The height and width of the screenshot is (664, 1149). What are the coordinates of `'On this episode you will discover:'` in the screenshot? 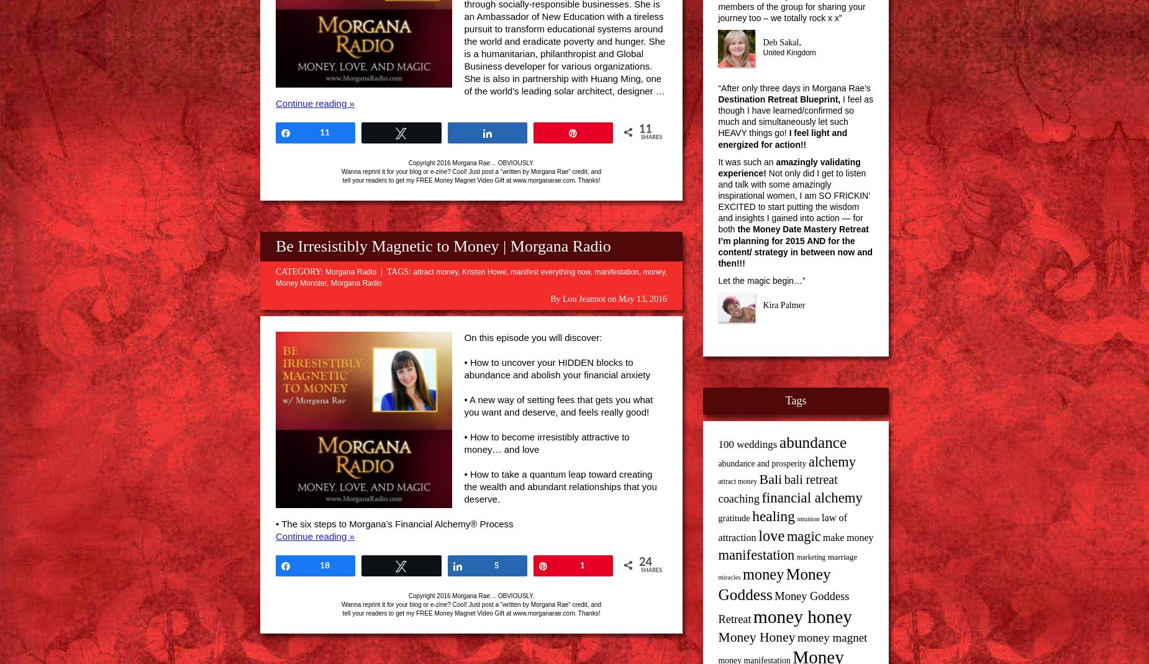 It's located at (533, 337).